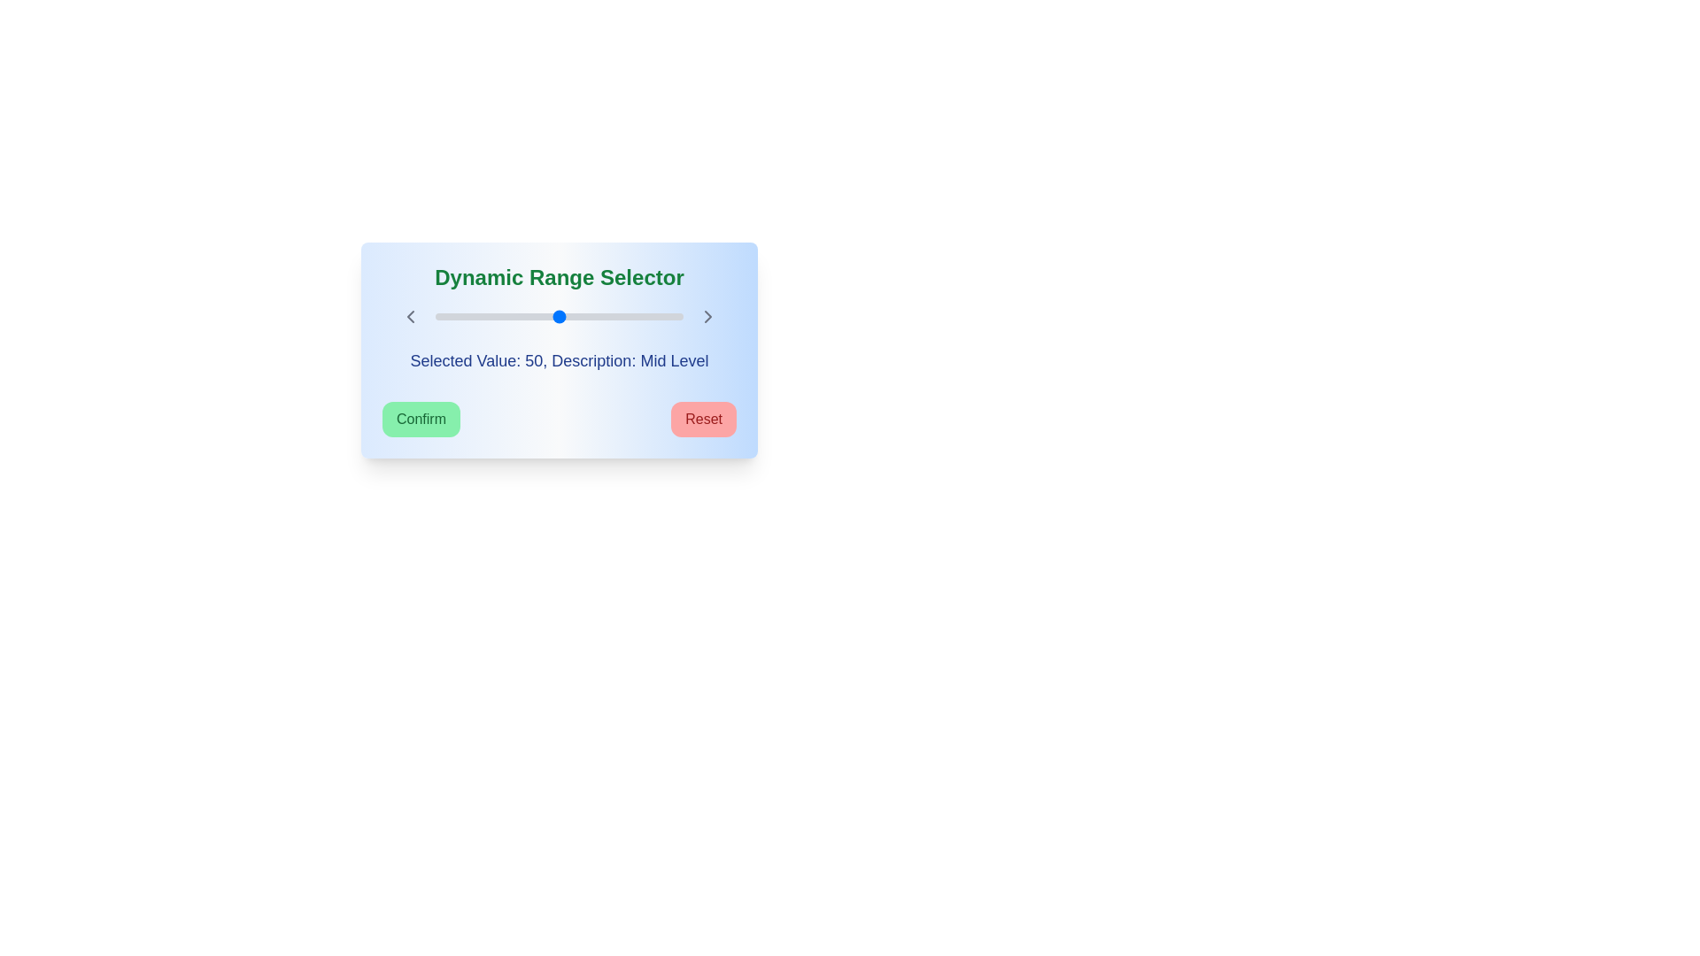 The width and height of the screenshot is (1700, 956). What do you see at coordinates (579, 316) in the screenshot?
I see `the slider` at bounding box center [579, 316].